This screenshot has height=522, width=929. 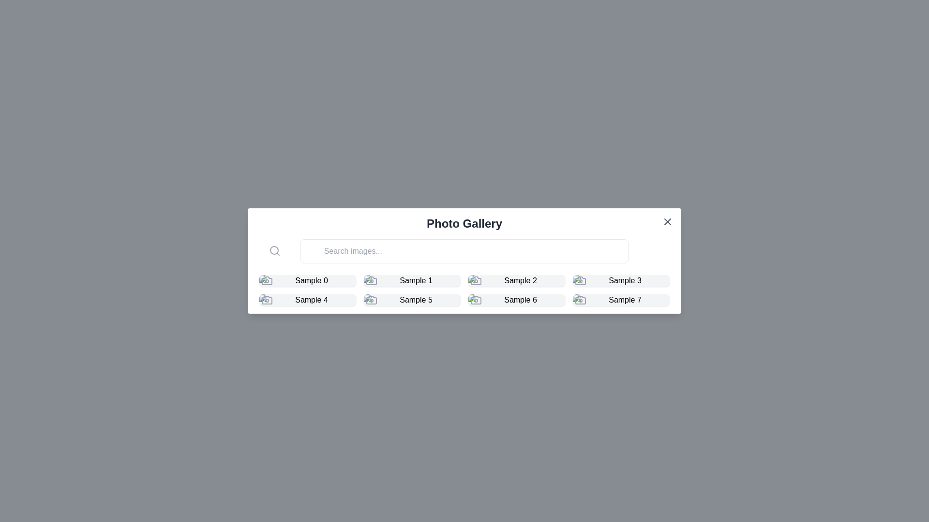 I want to click on the fourth Image card or photo tile in the grid, which has a light gray background and displays 'Sample 3' next to a photo icon, so click(x=621, y=281).